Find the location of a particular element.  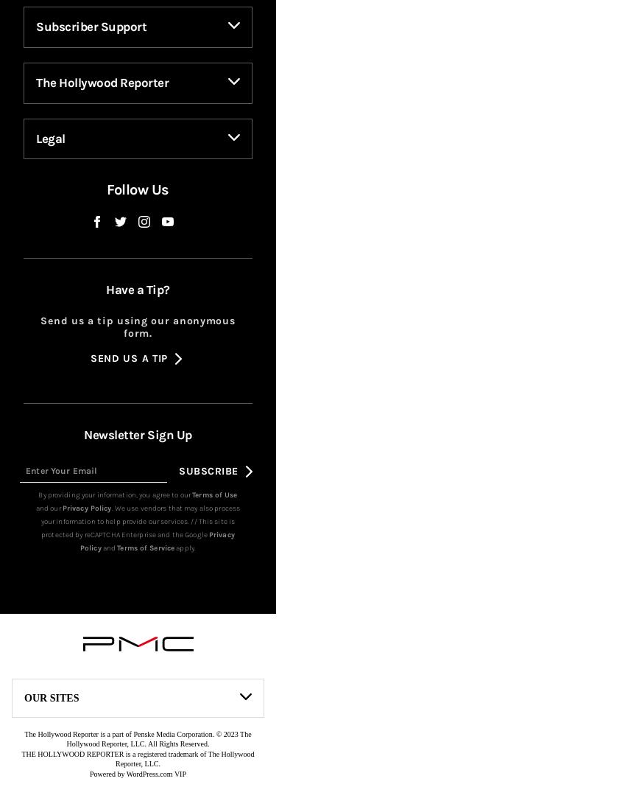

'Our Sites' is located at coordinates (51, 720).